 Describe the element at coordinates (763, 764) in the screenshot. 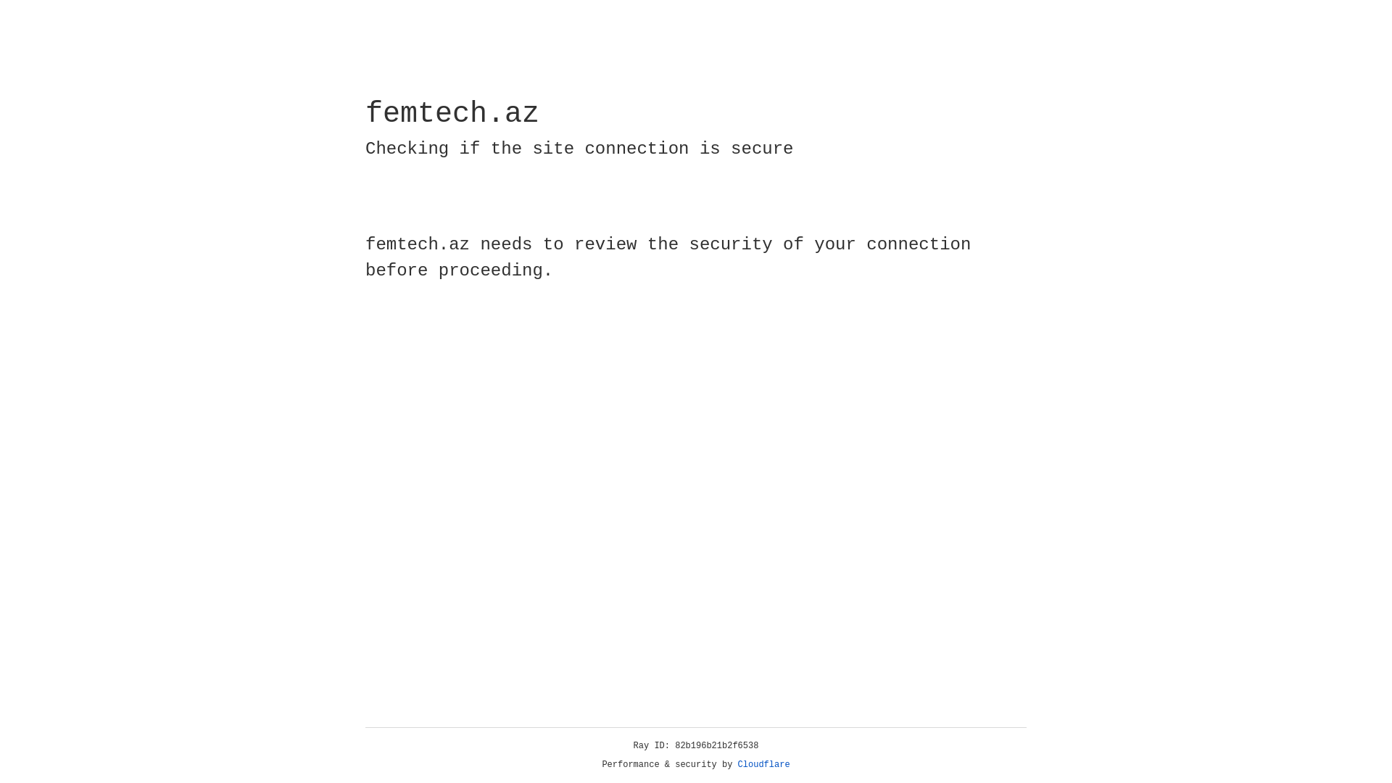

I see `'Cloudflare'` at that location.